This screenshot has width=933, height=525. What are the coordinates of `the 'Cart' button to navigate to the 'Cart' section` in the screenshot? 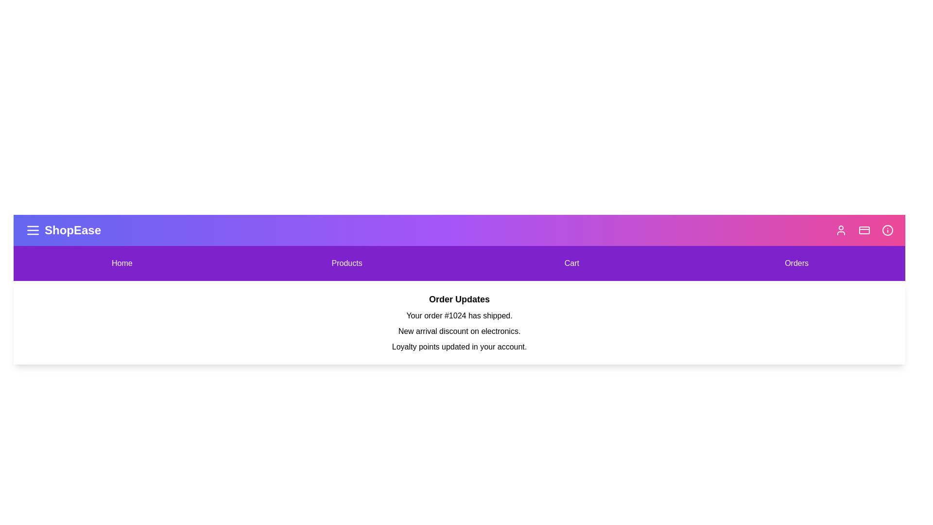 It's located at (571, 263).